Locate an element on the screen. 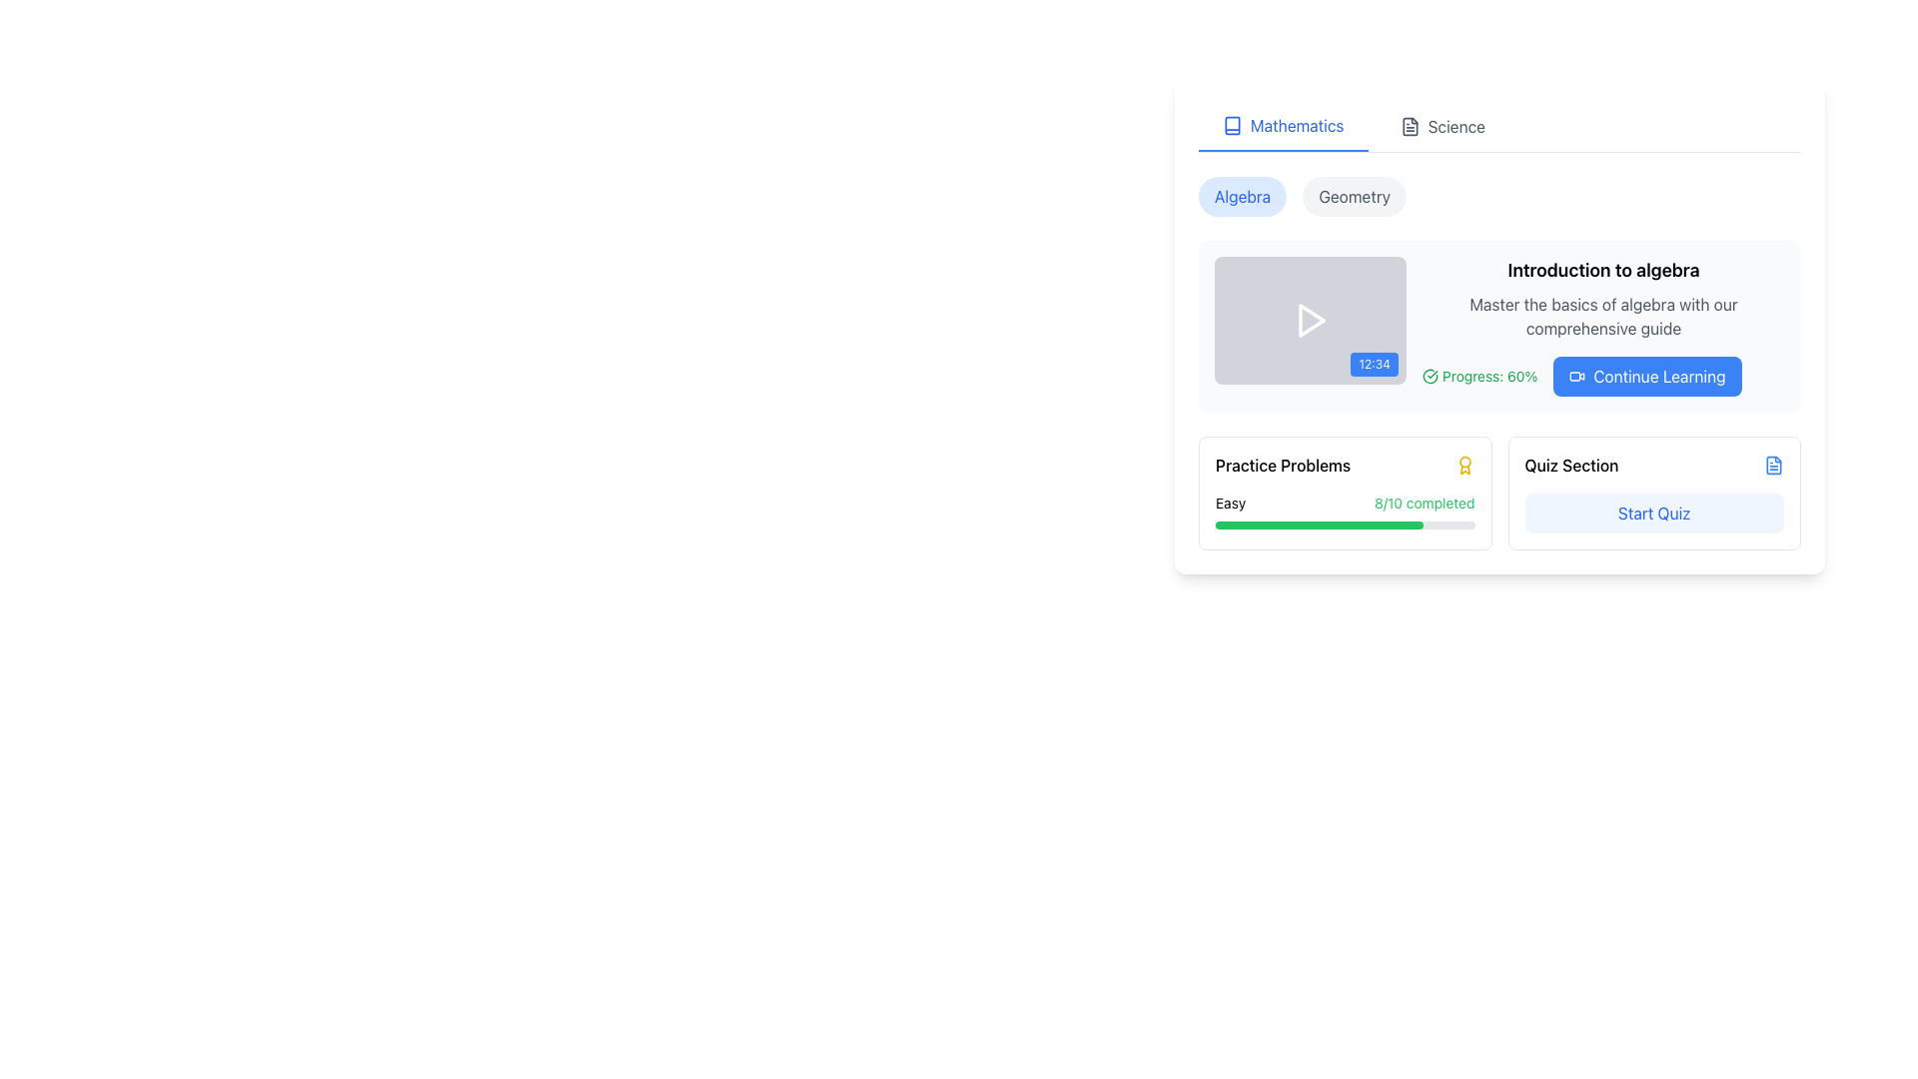 The image size is (1918, 1079). the video thumbnail with a play button overlay to potentially see additional options is located at coordinates (1310, 319).